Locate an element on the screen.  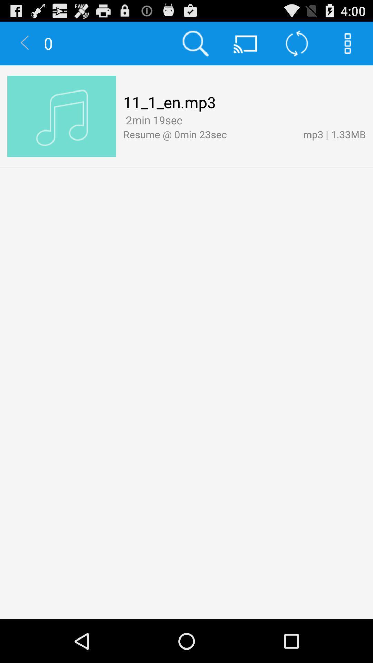
item above the  2min 19sec icon is located at coordinates (170, 102).